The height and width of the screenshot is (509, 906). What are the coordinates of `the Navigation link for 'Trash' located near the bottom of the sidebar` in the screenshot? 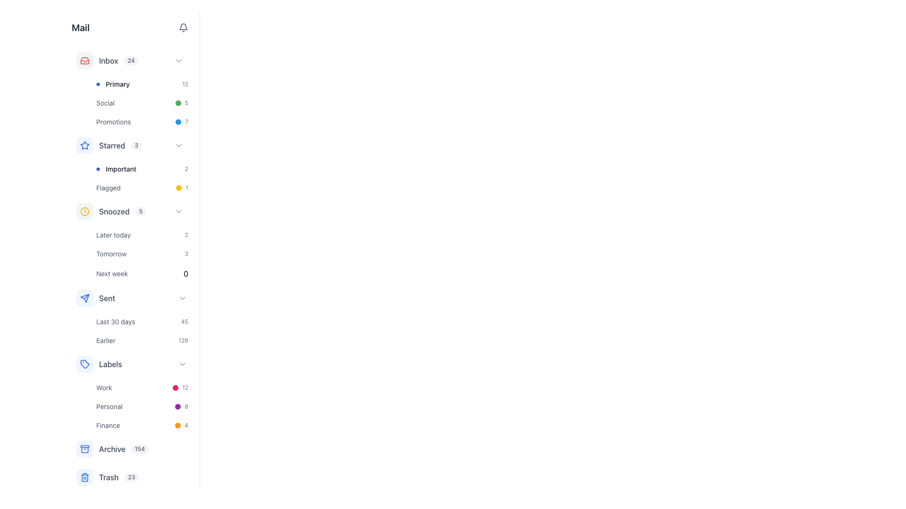 It's located at (108, 477).